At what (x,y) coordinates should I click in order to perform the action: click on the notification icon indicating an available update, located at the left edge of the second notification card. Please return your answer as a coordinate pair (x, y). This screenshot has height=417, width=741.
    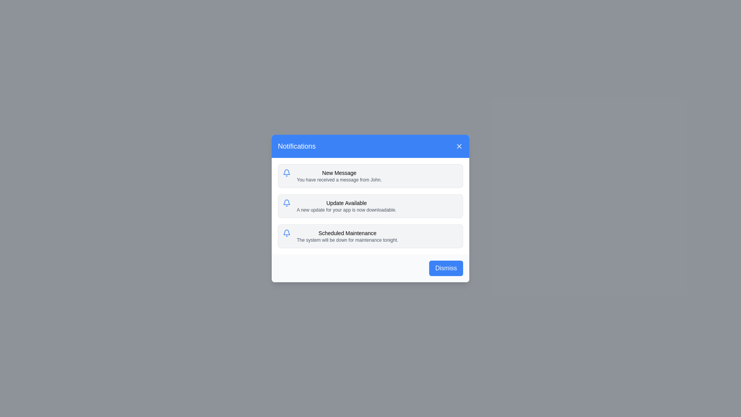
    Looking at the image, I should click on (286, 202).